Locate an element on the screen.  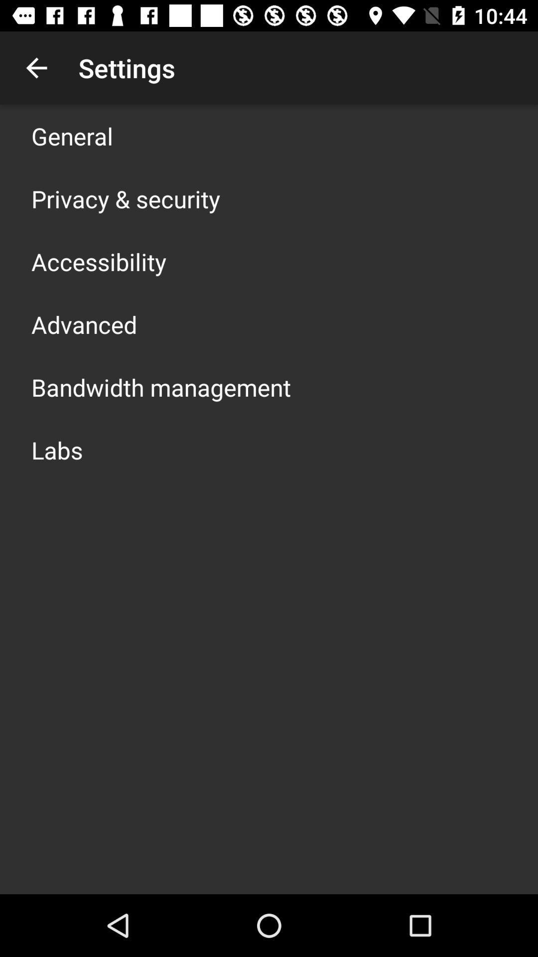
app to the left of settings is located at coordinates (36, 67).